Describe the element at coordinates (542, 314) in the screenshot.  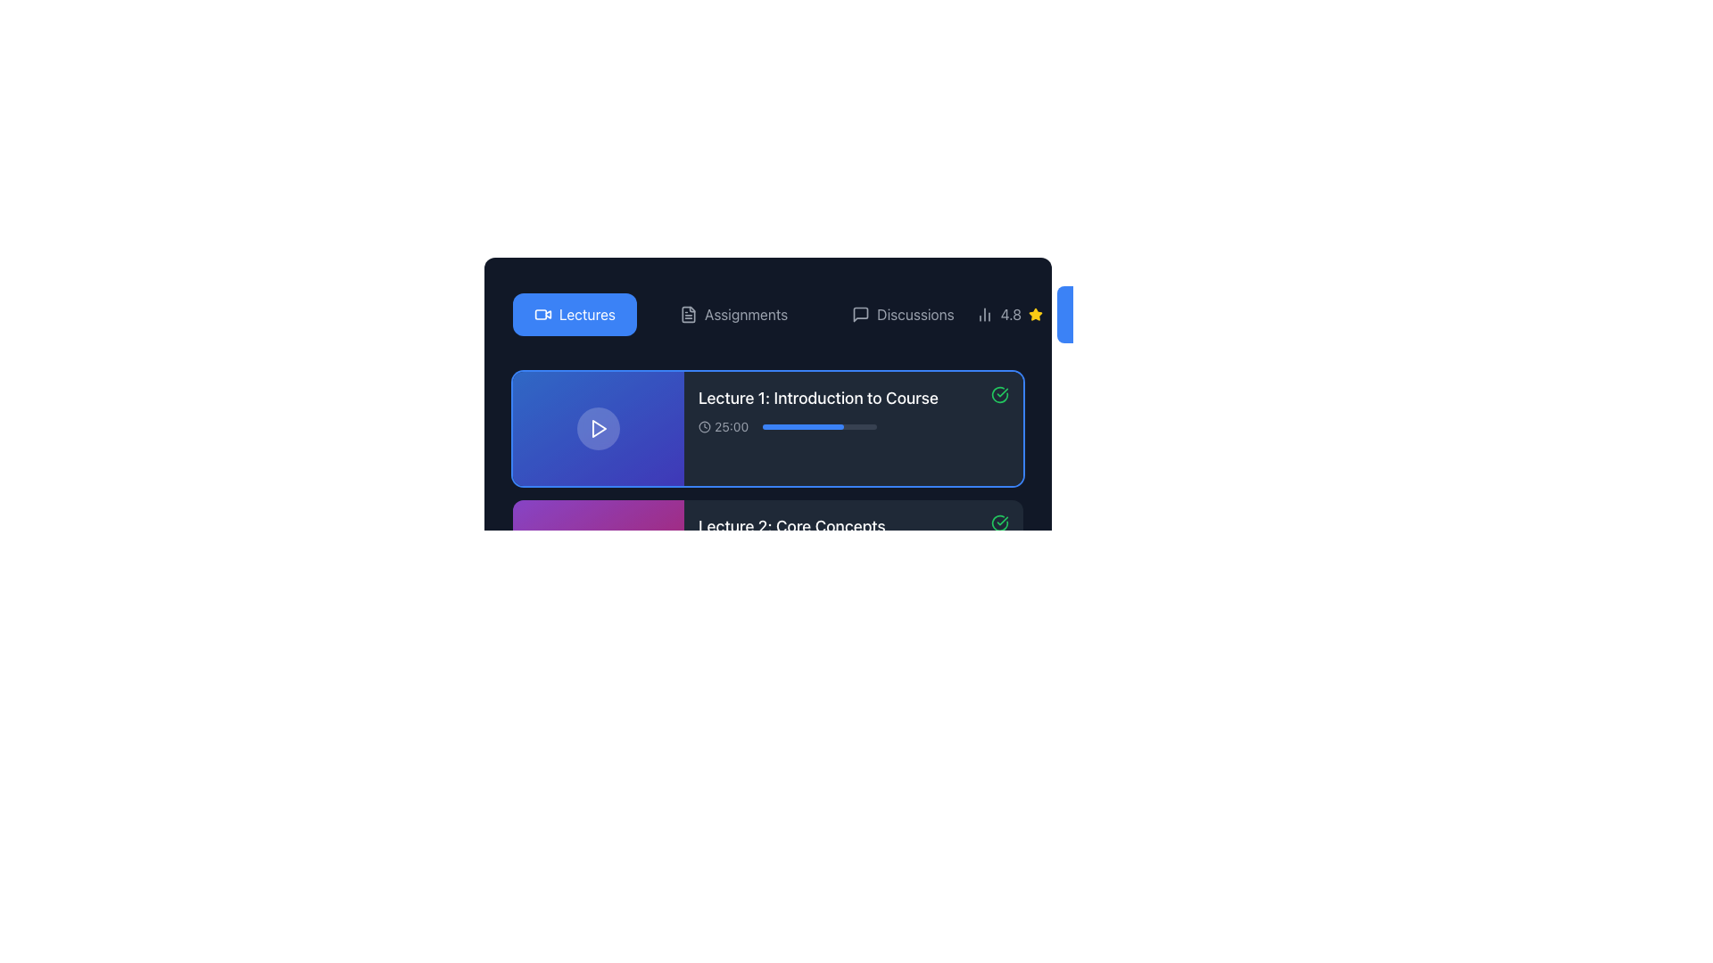
I see `the compact video icon within the 'Lectures' button in the top-left section of the menu bar, which features a play button and a gray stroke design` at that location.